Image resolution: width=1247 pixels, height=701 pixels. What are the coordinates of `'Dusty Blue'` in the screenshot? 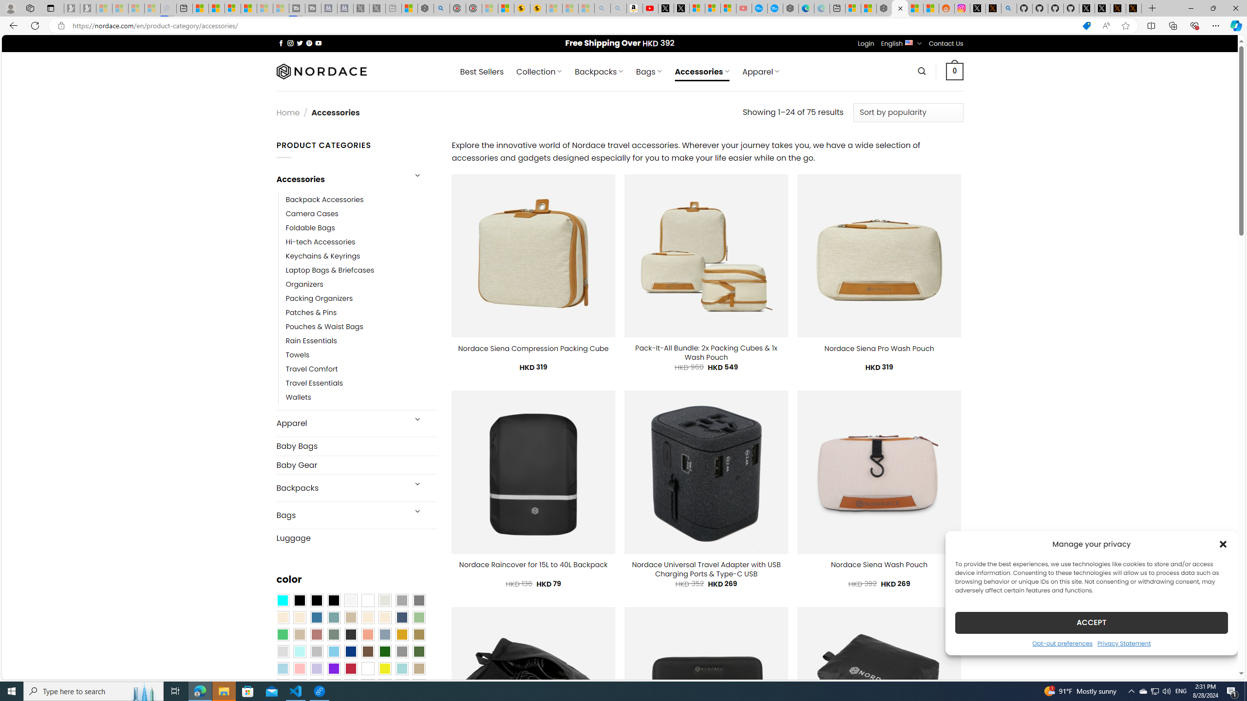 It's located at (385, 634).